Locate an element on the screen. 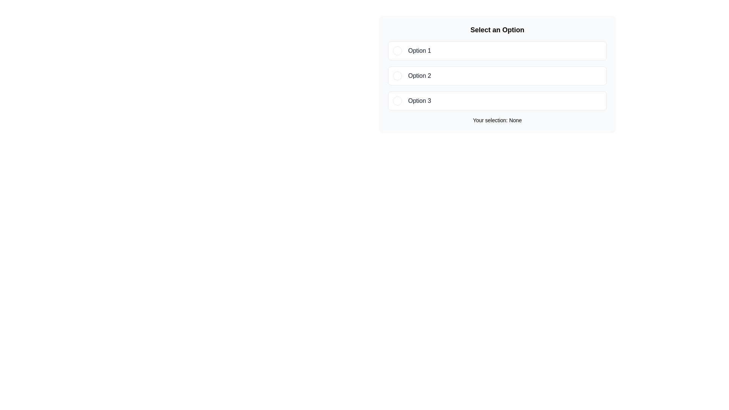  the middle selectable option in the list is located at coordinates (497, 76).